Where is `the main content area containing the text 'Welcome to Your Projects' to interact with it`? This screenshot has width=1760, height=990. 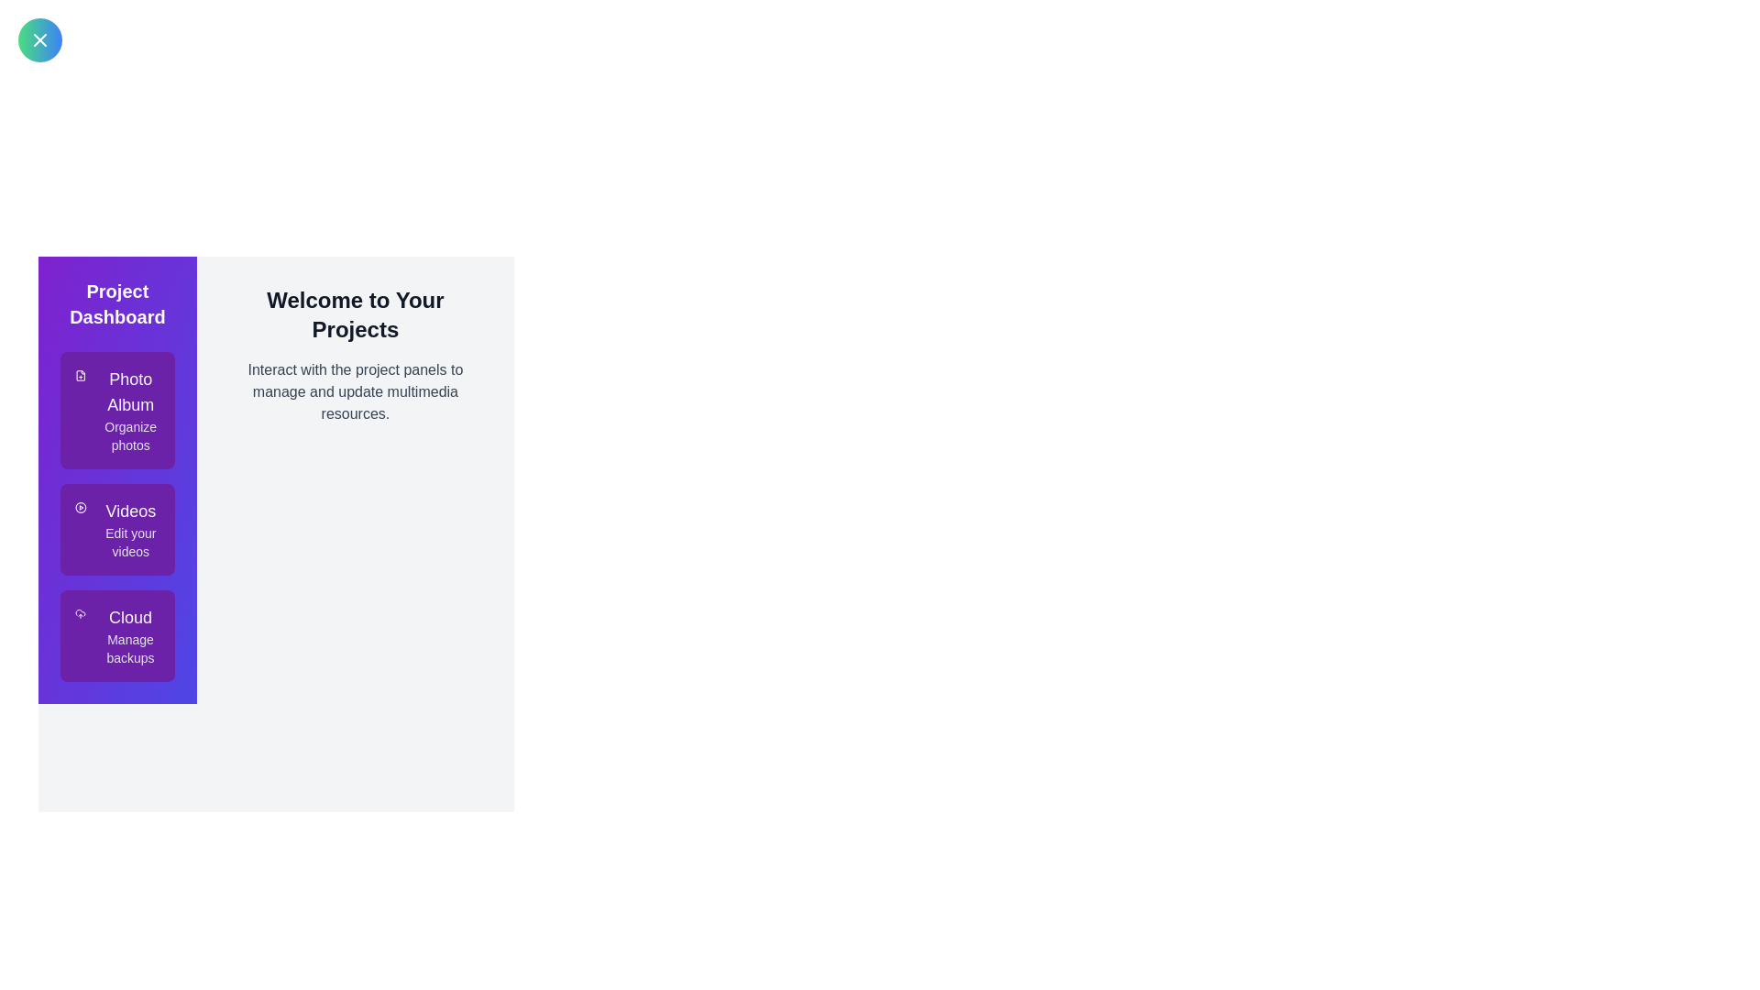
the main content area containing the text 'Welcome to Your Projects' to interact with it is located at coordinates (355, 313).